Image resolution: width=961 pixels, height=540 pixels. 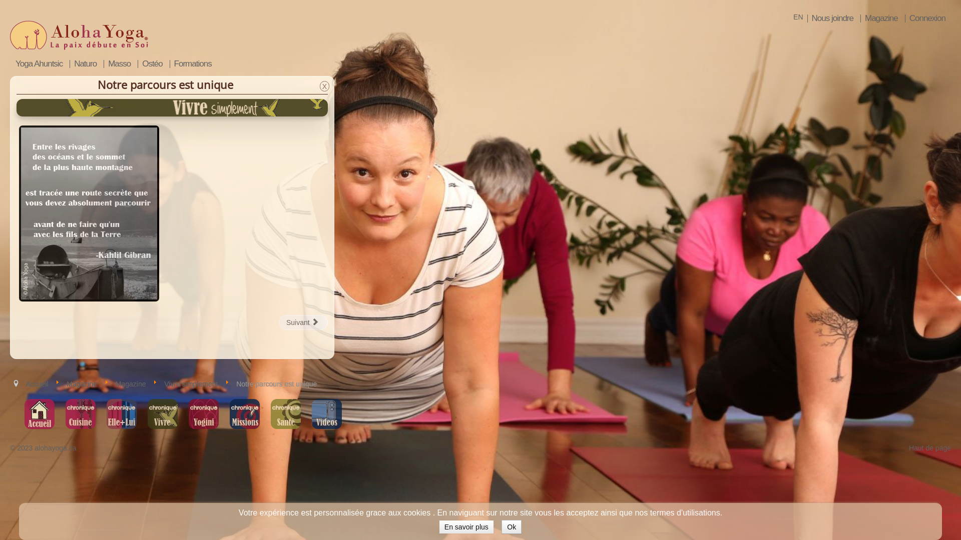 What do you see at coordinates (926, 18) in the screenshot?
I see `'Connexion'` at bounding box center [926, 18].